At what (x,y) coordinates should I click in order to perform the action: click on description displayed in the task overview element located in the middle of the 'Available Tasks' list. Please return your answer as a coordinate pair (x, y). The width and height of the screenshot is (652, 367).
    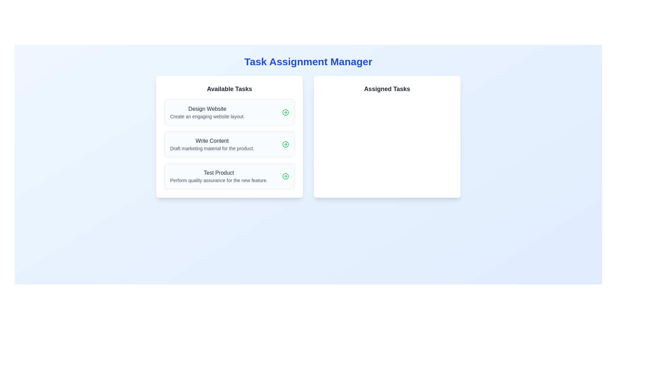
    Looking at the image, I should click on (212, 144).